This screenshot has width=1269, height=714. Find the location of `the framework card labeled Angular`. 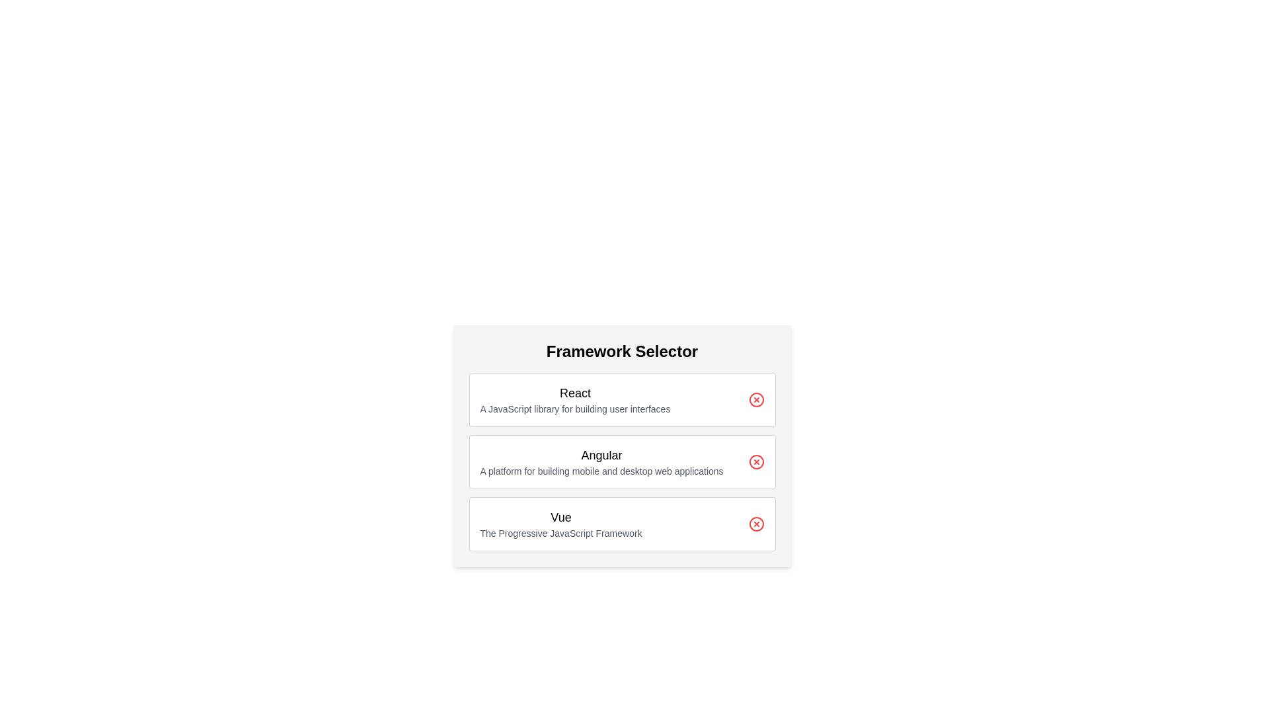

the framework card labeled Angular is located at coordinates (621, 461).